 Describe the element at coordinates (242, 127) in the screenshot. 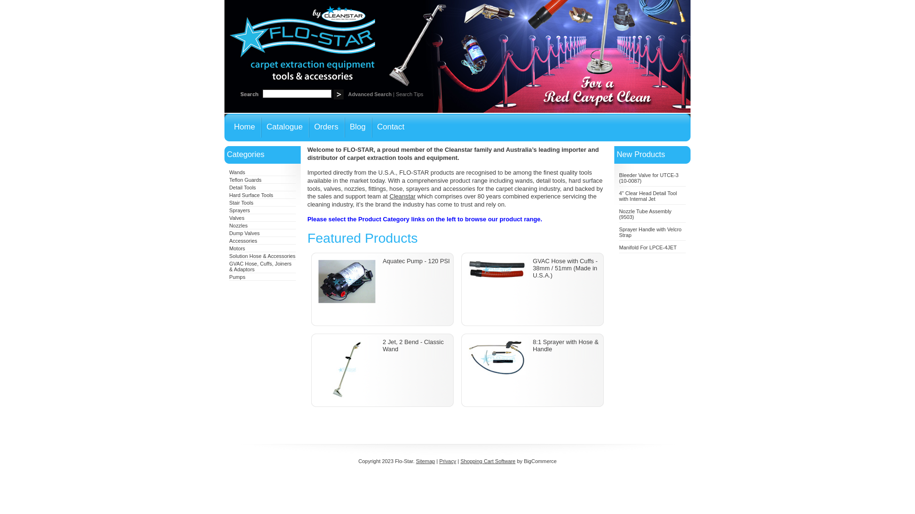

I see `'Home'` at that location.